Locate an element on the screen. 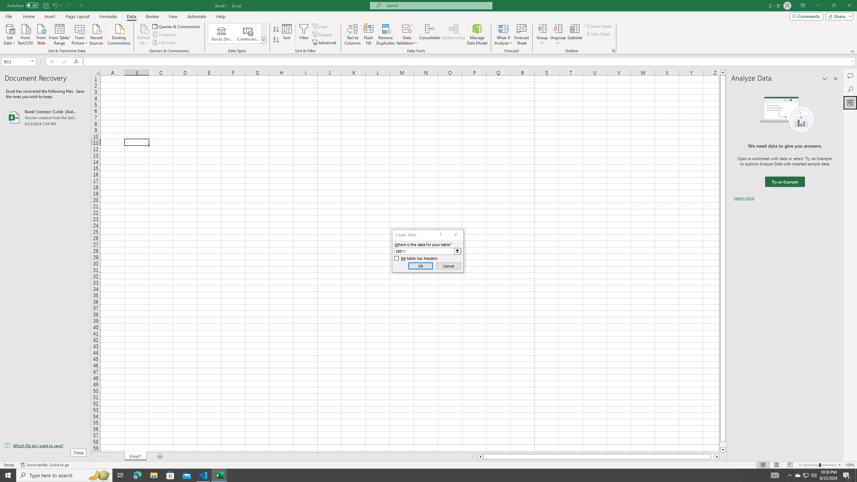 This screenshot has width=857, height=482. 'Consolidate...' is located at coordinates (430, 34).